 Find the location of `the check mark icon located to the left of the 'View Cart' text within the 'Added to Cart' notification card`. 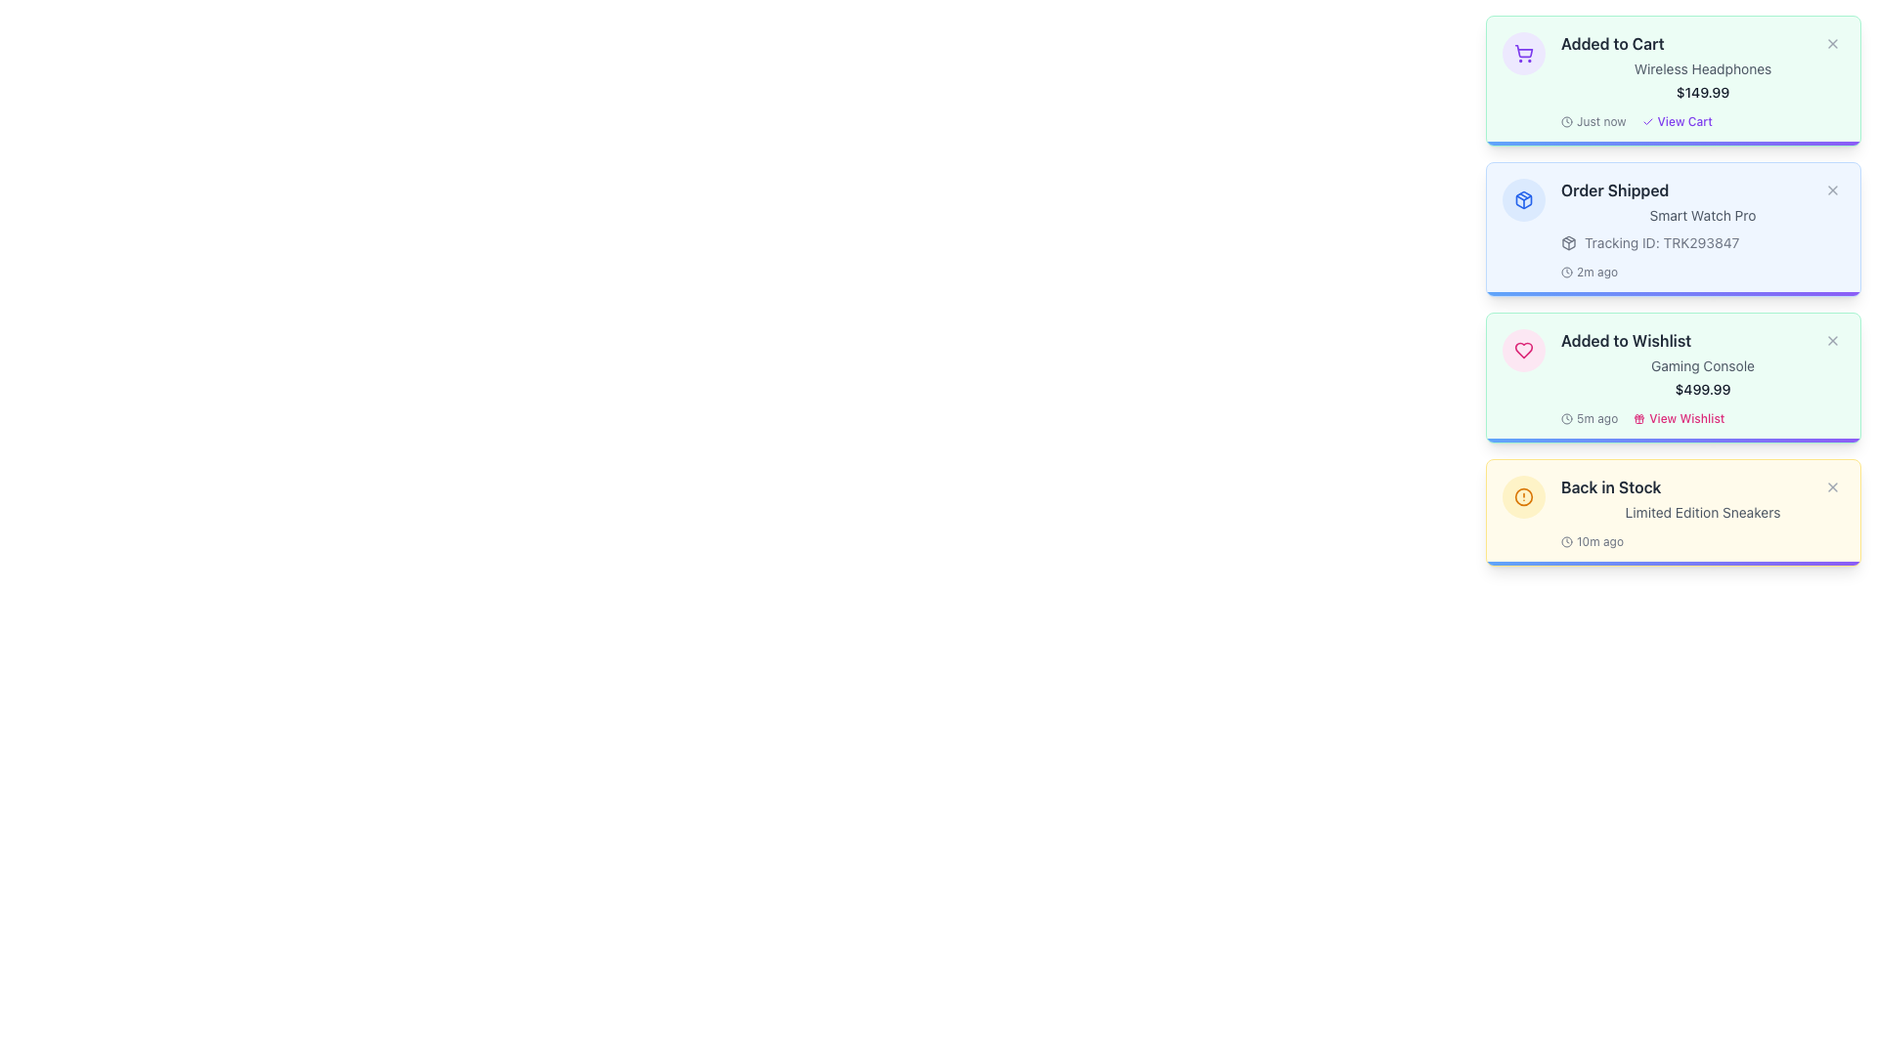

the check mark icon located to the left of the 'View Cart' text within the 'Added to Cart' notification card is located at coordinates (1646, 121).